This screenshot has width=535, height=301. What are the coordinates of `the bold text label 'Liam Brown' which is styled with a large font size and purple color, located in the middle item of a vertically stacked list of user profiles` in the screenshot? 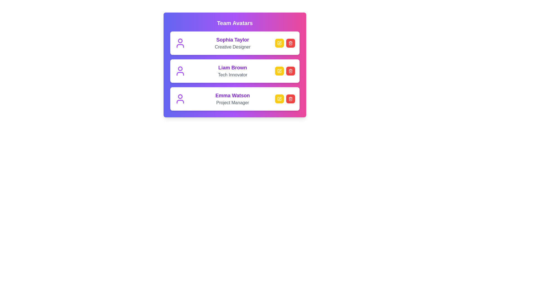 It's located at (233, 67).